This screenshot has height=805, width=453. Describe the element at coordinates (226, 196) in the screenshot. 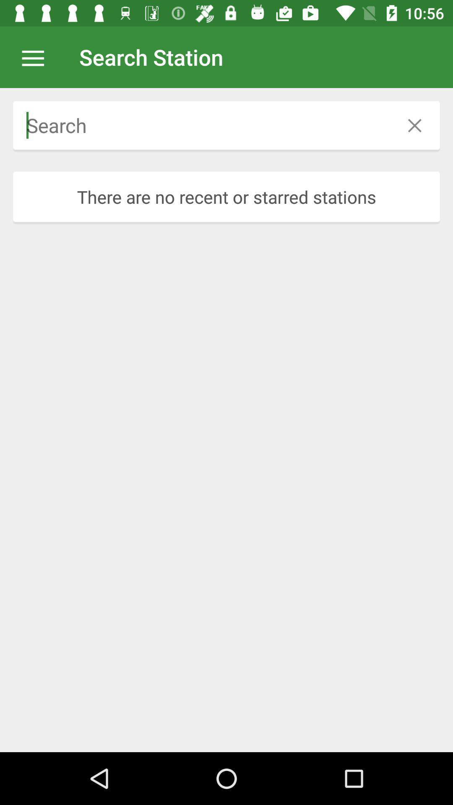

I see `the there are no item` at that location.